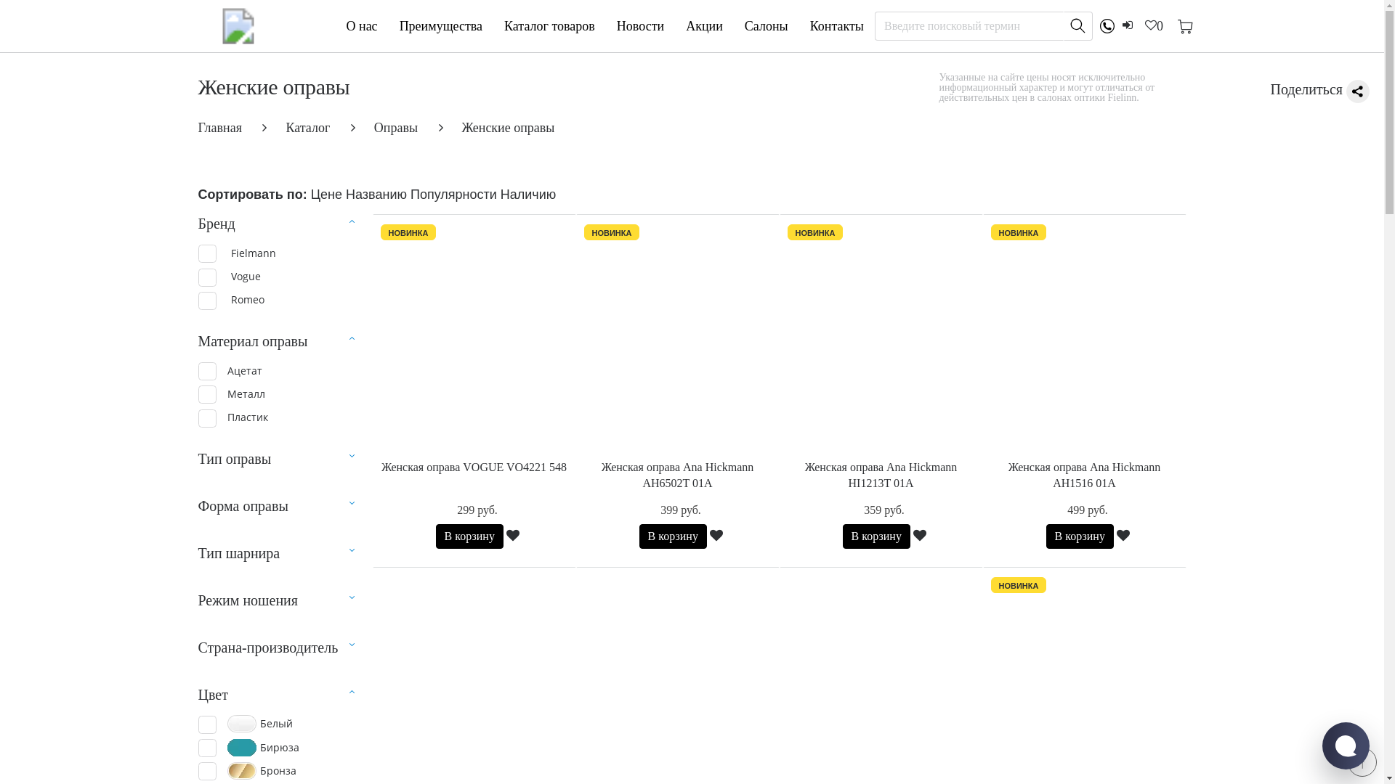 The height and width of the screenshot is (784, 1395). I want to click on 'Y', so click(206, 418).